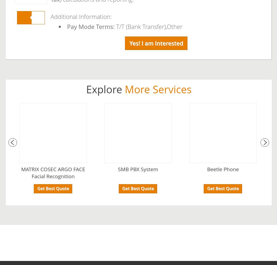 The height and width of the screenshot is (265, 277). I want to click on 'Explore', so click(104, 89).